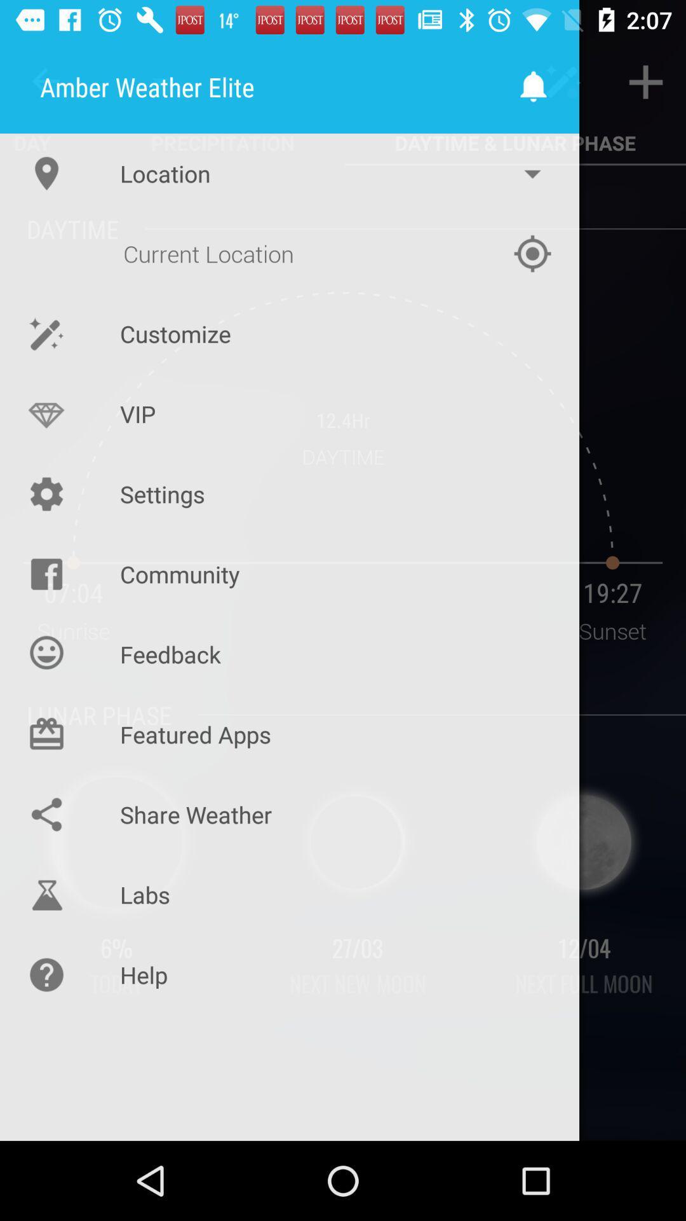  Describe the element at coordinates (534, 86) in the screenshot. I see `the notifications icon` at that location.